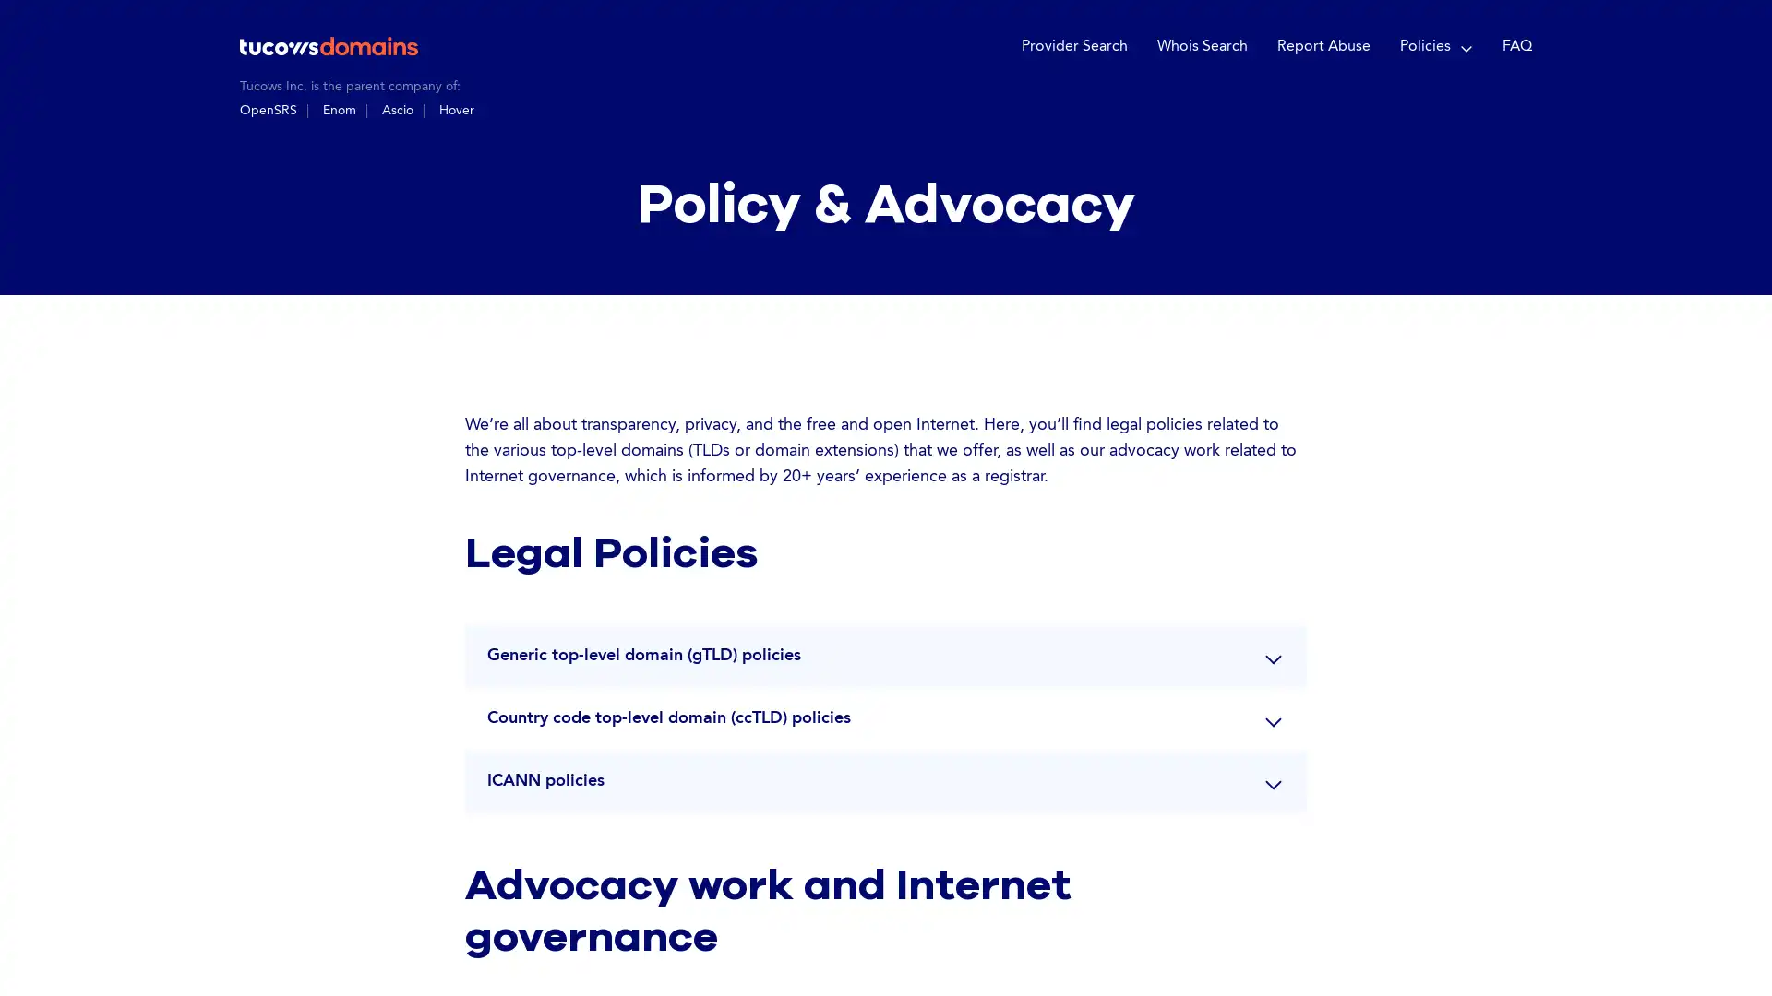  What do you see at coordinates (886, 779) in the screenshot?
I see `ICANN policies` at bounding box center [886, 779].